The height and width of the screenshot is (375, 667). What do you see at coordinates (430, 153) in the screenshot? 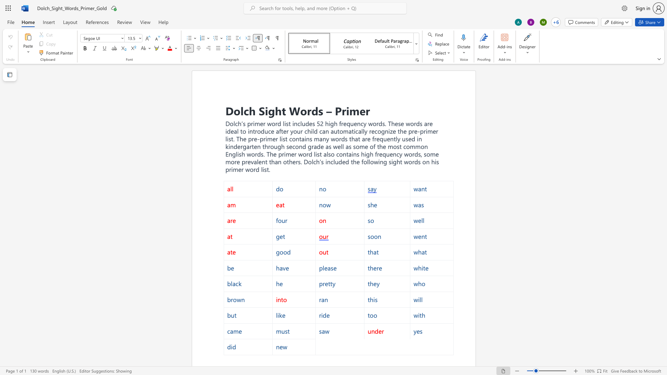
I see `the space between the continuous character "o" and "m" in the text` at bounding box center [430, 153].